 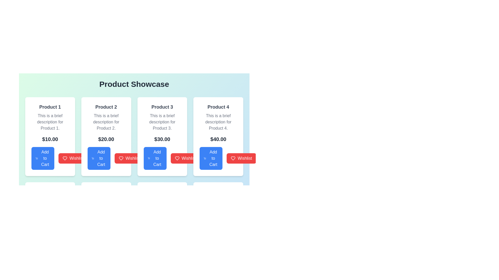 I want to click on the wishlist icon located within the 'Wishlist' button for 'Product 2', which is positioned to the left of the text label, so click(x=65, y=158).